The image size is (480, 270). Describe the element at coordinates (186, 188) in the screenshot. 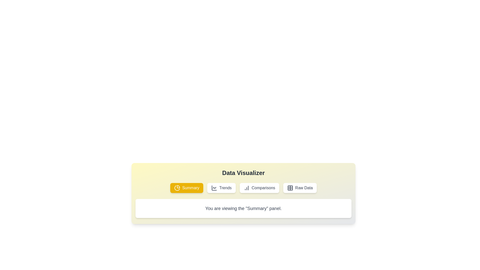

I see `the yellow 'Summary' button with white text and a pie chart icon` at that location.